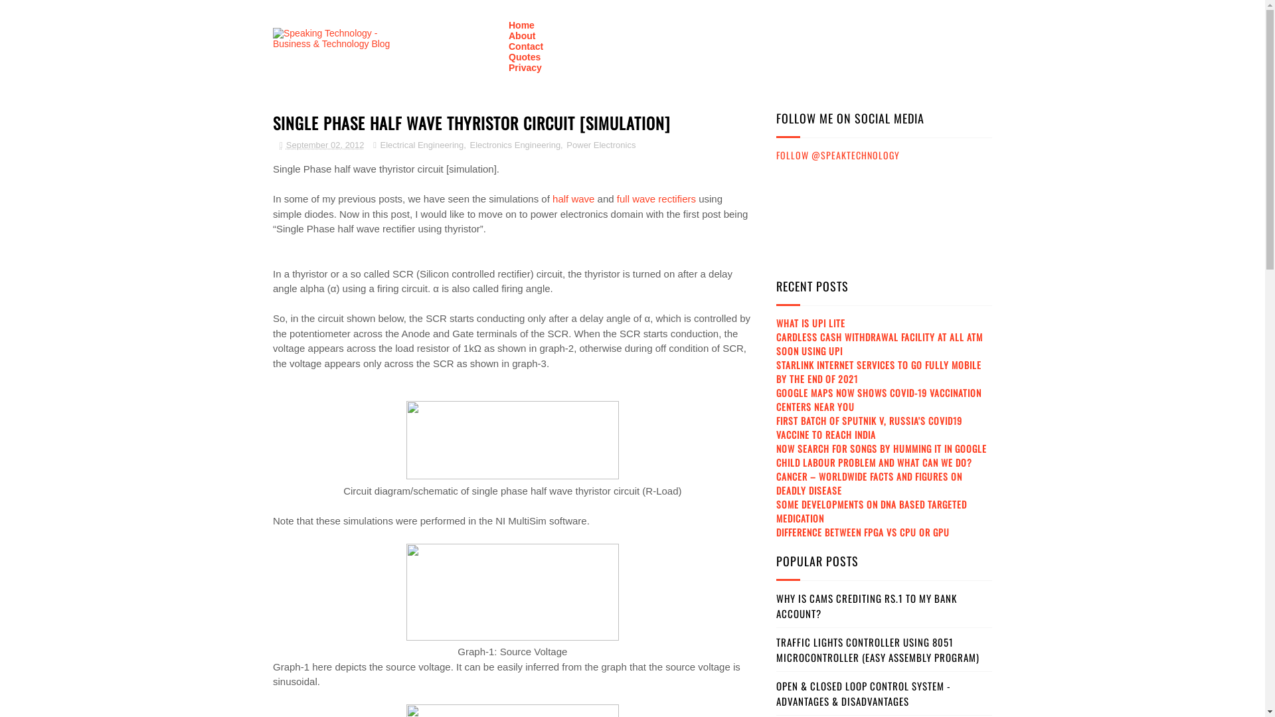  What do you see at coordinates (514, 145) in the screenshot?
I see `'Electronics Engineering'` at bounding box center [514, 145].